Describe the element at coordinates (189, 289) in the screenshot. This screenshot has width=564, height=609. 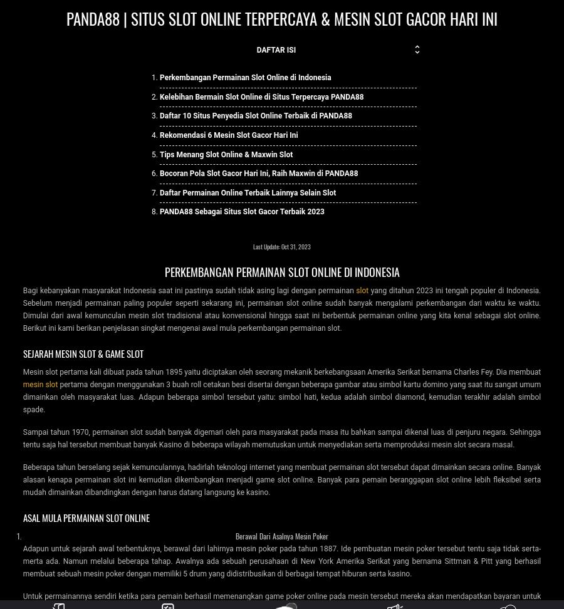
I see `'Bagi kebanyakan masyarakat Indonesia saat ini pastinya sudah tidak asing lagi dengan permainan'` at that location.